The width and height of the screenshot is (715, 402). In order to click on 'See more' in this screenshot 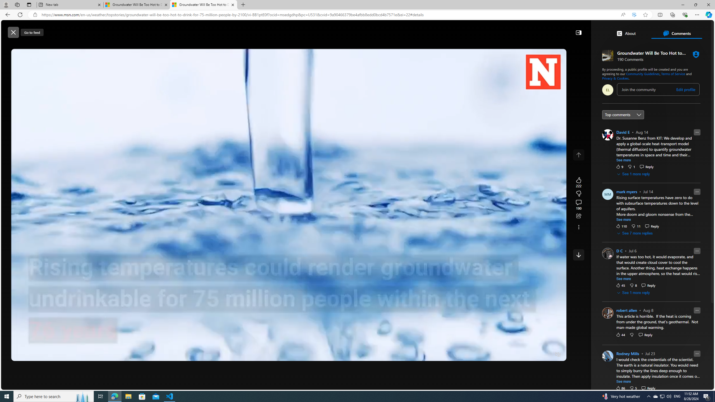, I will do `click(624, 382)`.